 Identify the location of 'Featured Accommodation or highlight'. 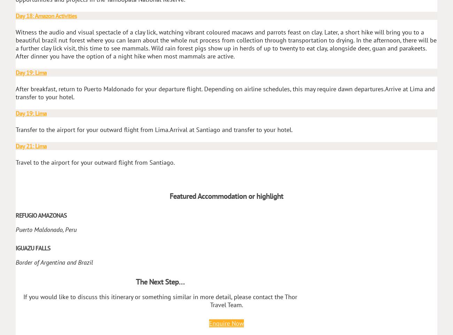
(169, 196).